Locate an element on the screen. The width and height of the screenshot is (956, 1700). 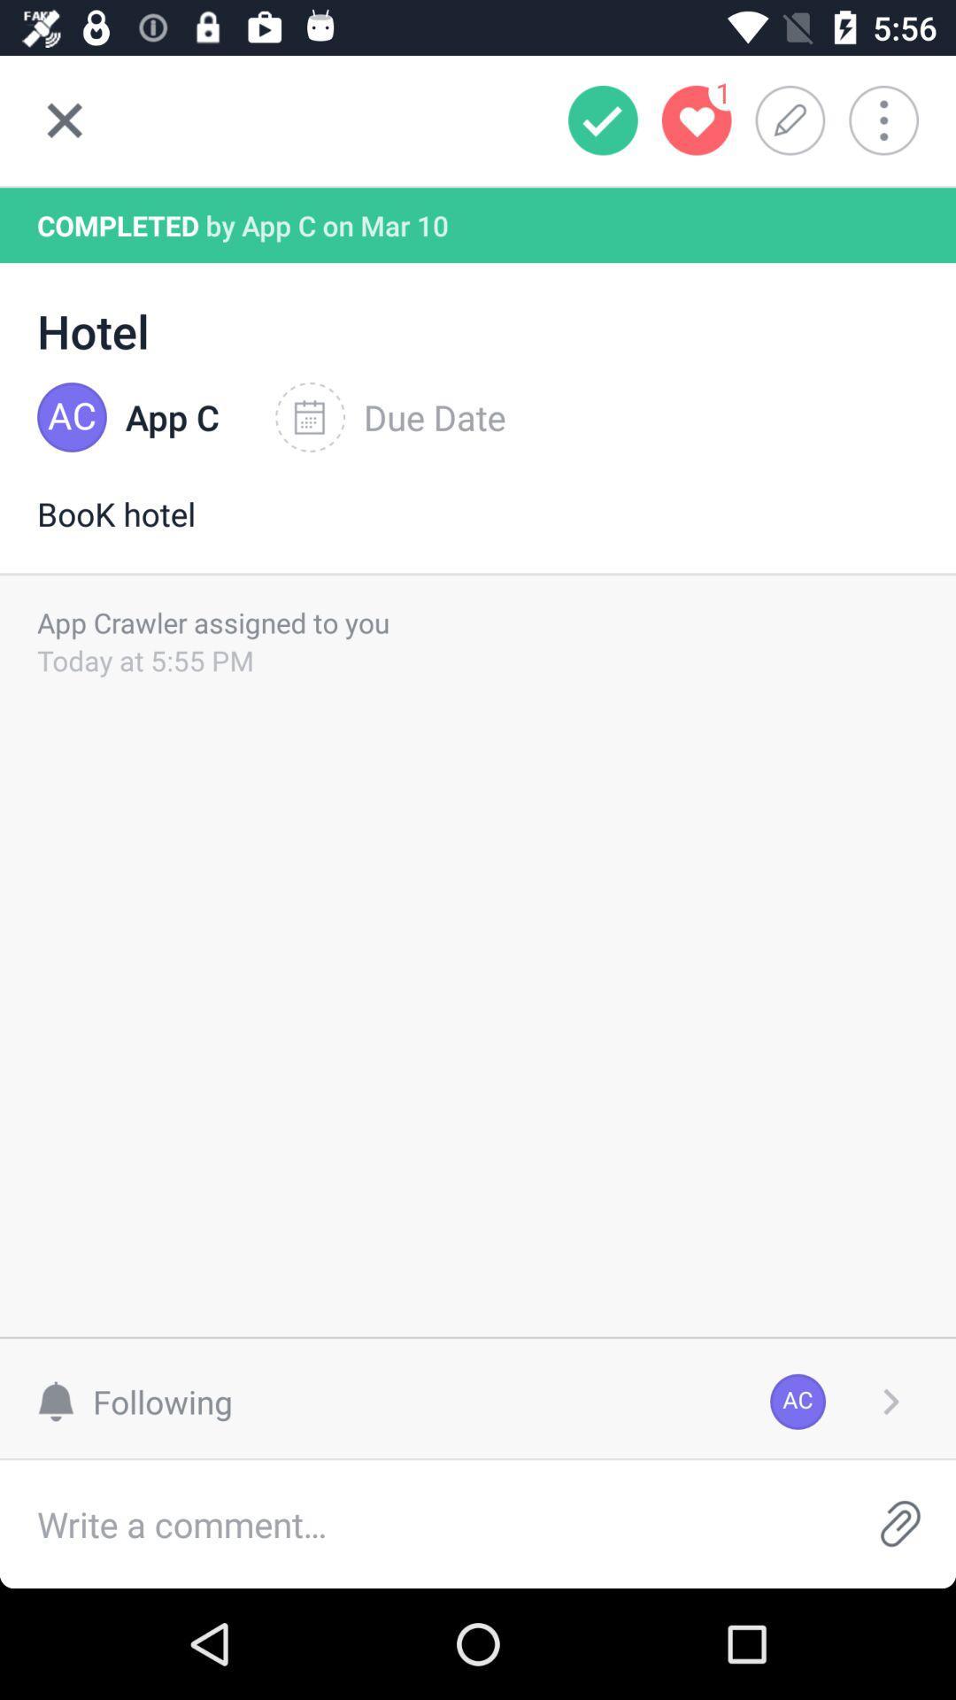
the icon below app c is located at coordinates (478, 531).